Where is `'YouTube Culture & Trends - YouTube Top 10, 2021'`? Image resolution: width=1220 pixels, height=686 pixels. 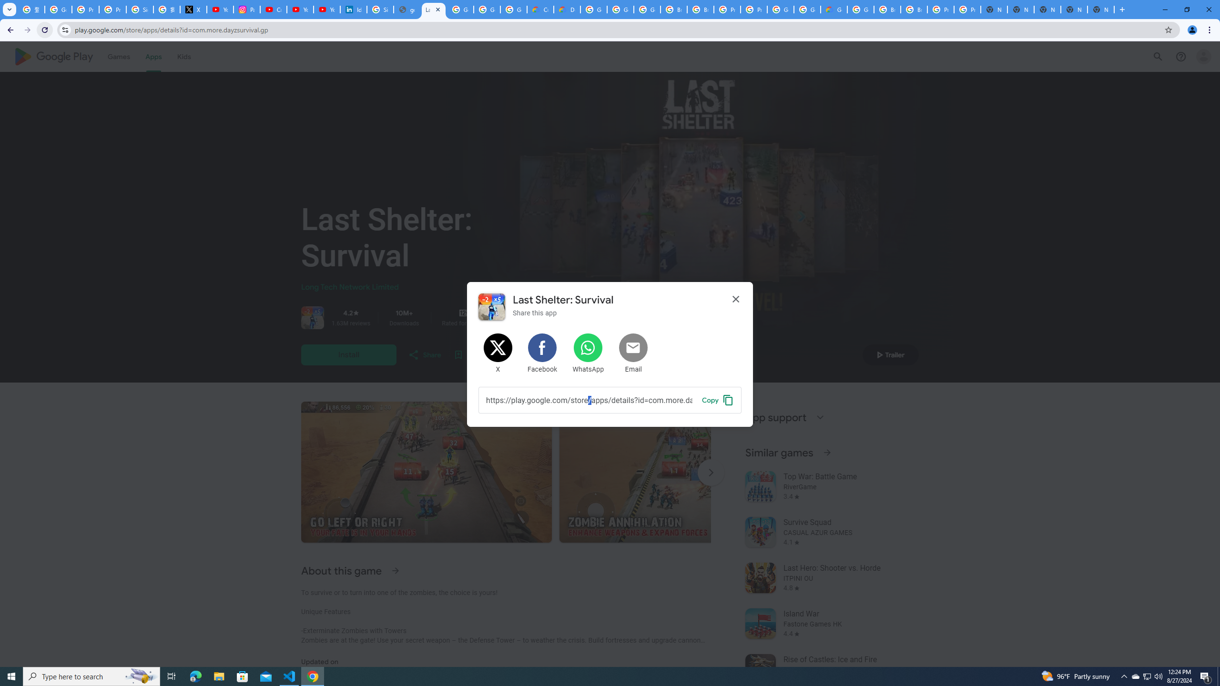
'YouTube Culture & Trends - YouTube Top 10, 2021' is located at coordinates (326, 9).